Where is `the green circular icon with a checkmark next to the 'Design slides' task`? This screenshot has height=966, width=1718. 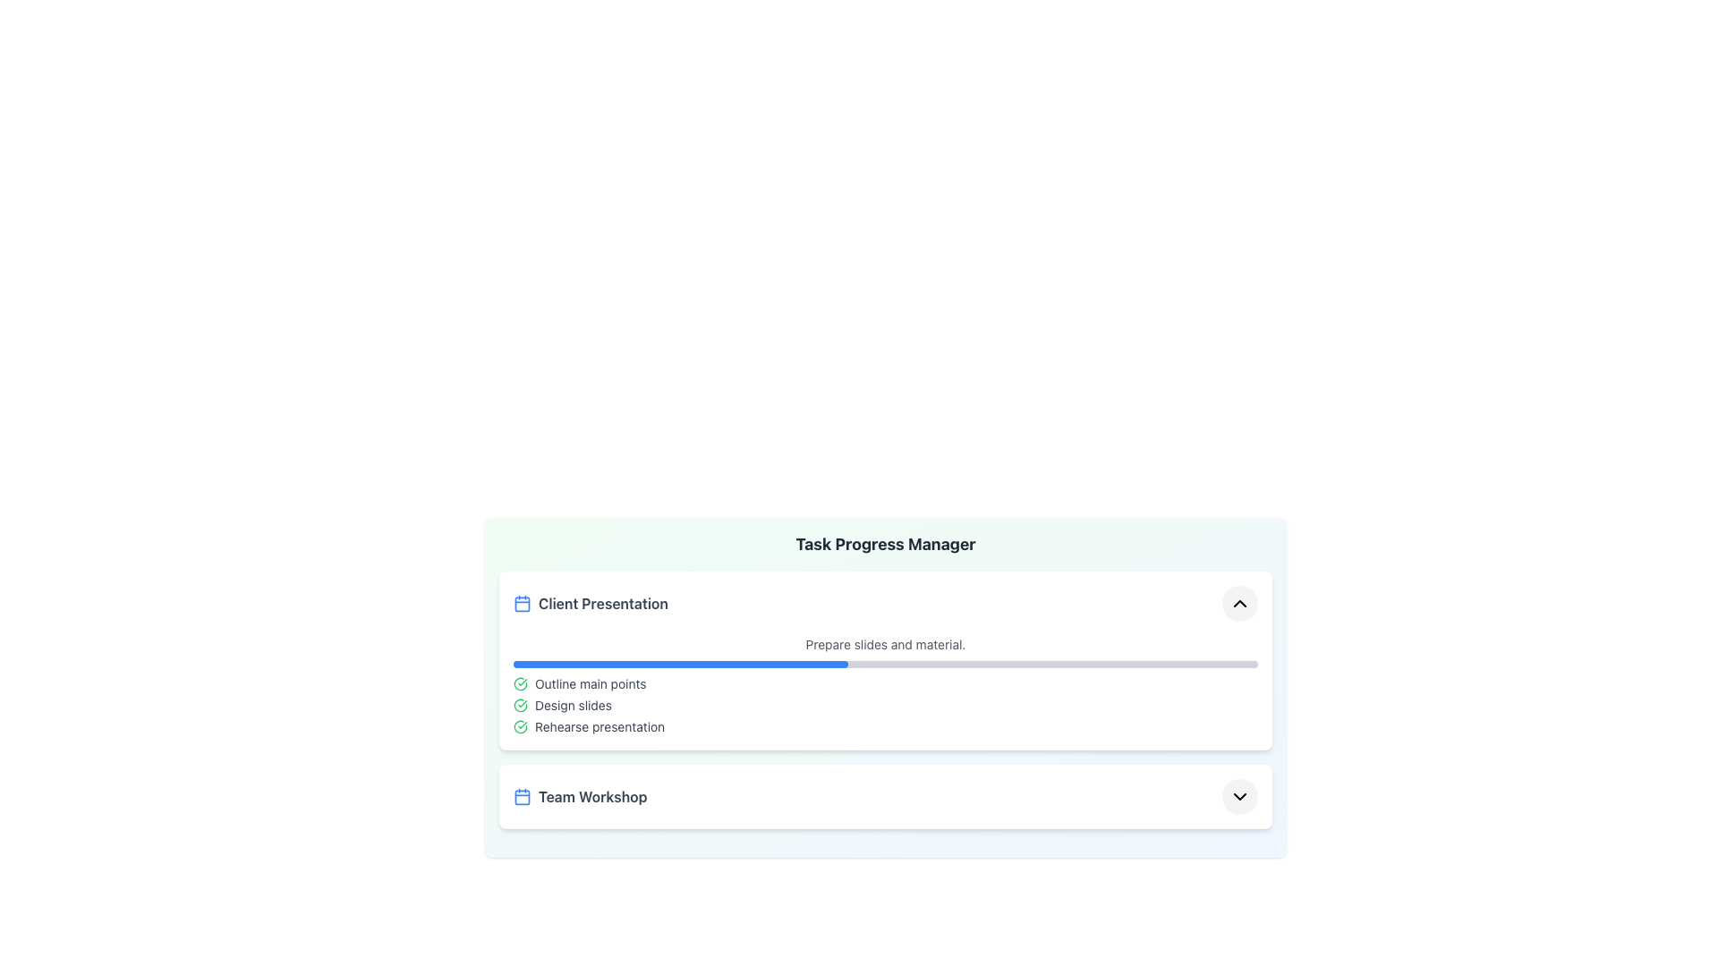
the green circular icon with a checkmark next to the 'Design slides' task is located at coordinates (519, 705).